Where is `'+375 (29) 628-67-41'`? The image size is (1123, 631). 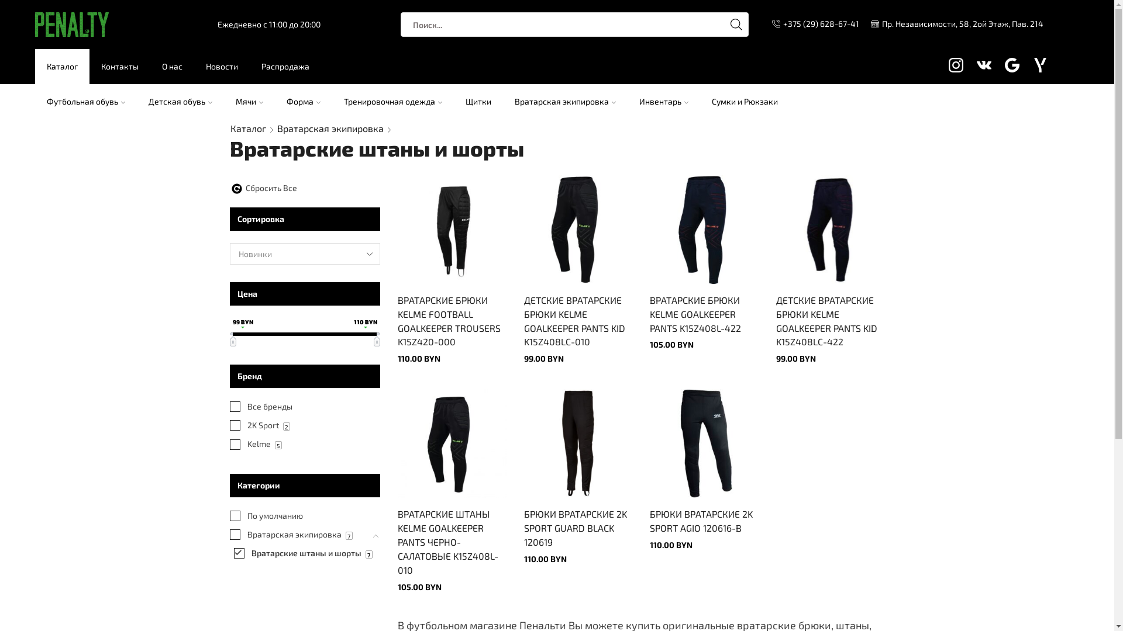 '+375 (29) 628-67-41' is located at coordinates (815, 24).